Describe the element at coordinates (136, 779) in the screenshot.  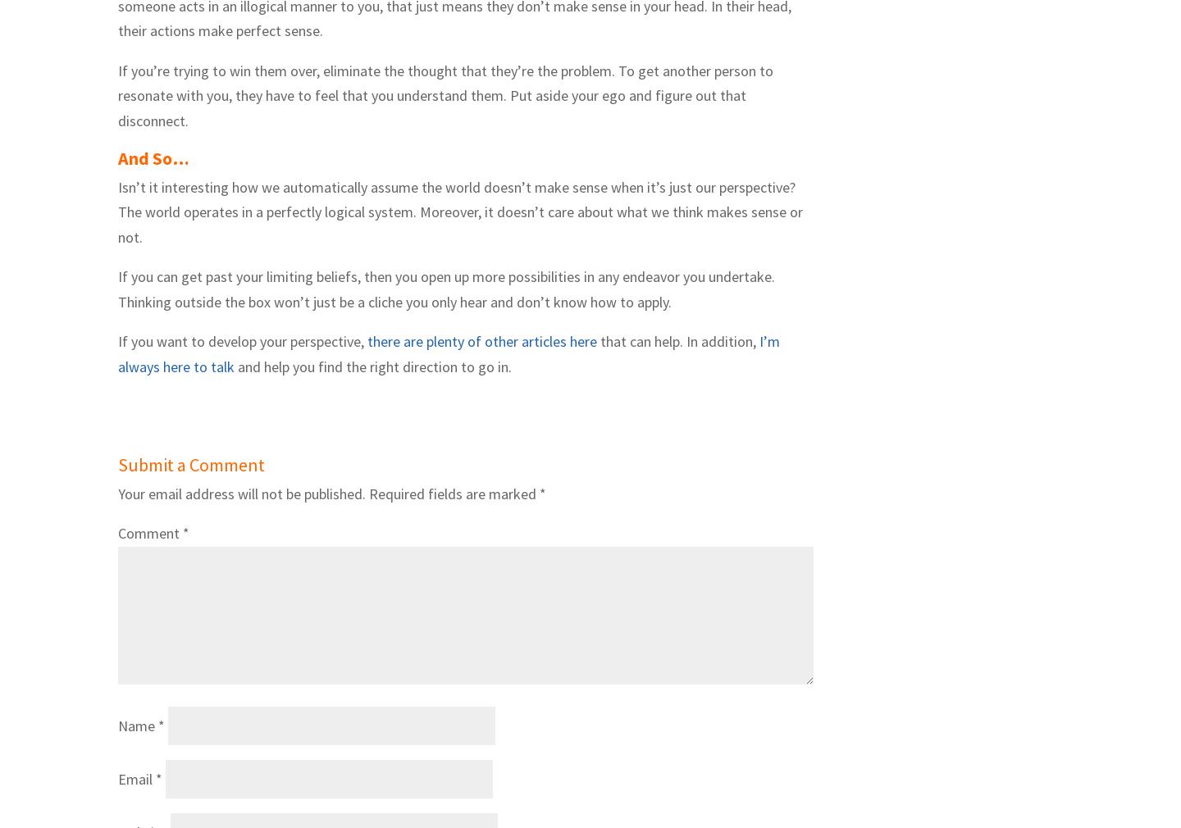
I see `'Email'` at that location.